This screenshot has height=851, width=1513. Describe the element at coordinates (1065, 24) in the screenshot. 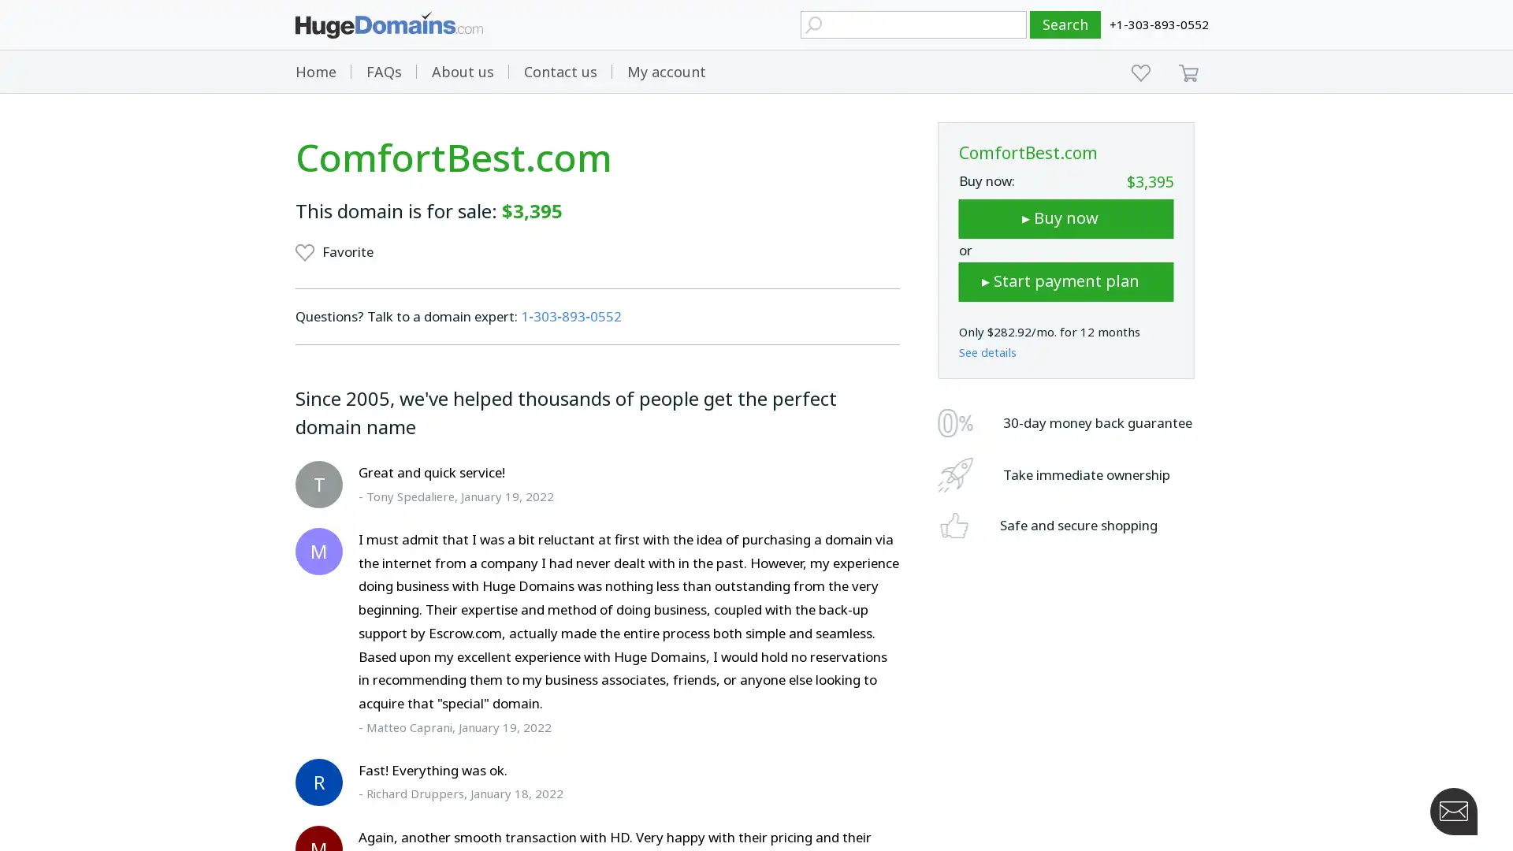

I see `Search` at that location.